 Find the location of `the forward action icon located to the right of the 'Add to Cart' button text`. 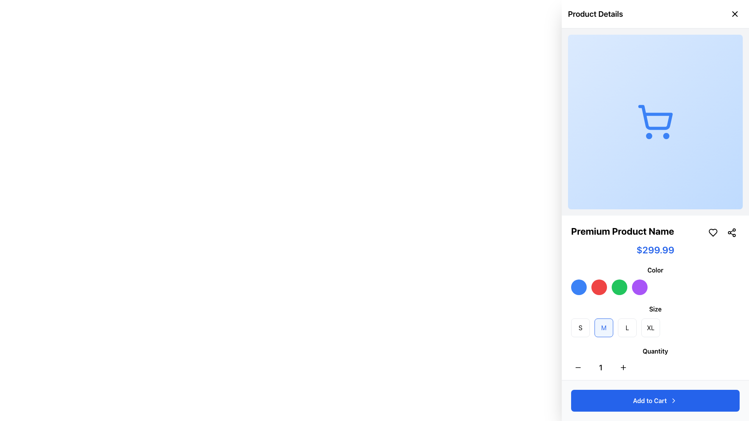

the forward action icon located to the right of the 'Add to Cart' button text is located at coordinates (673, 401).